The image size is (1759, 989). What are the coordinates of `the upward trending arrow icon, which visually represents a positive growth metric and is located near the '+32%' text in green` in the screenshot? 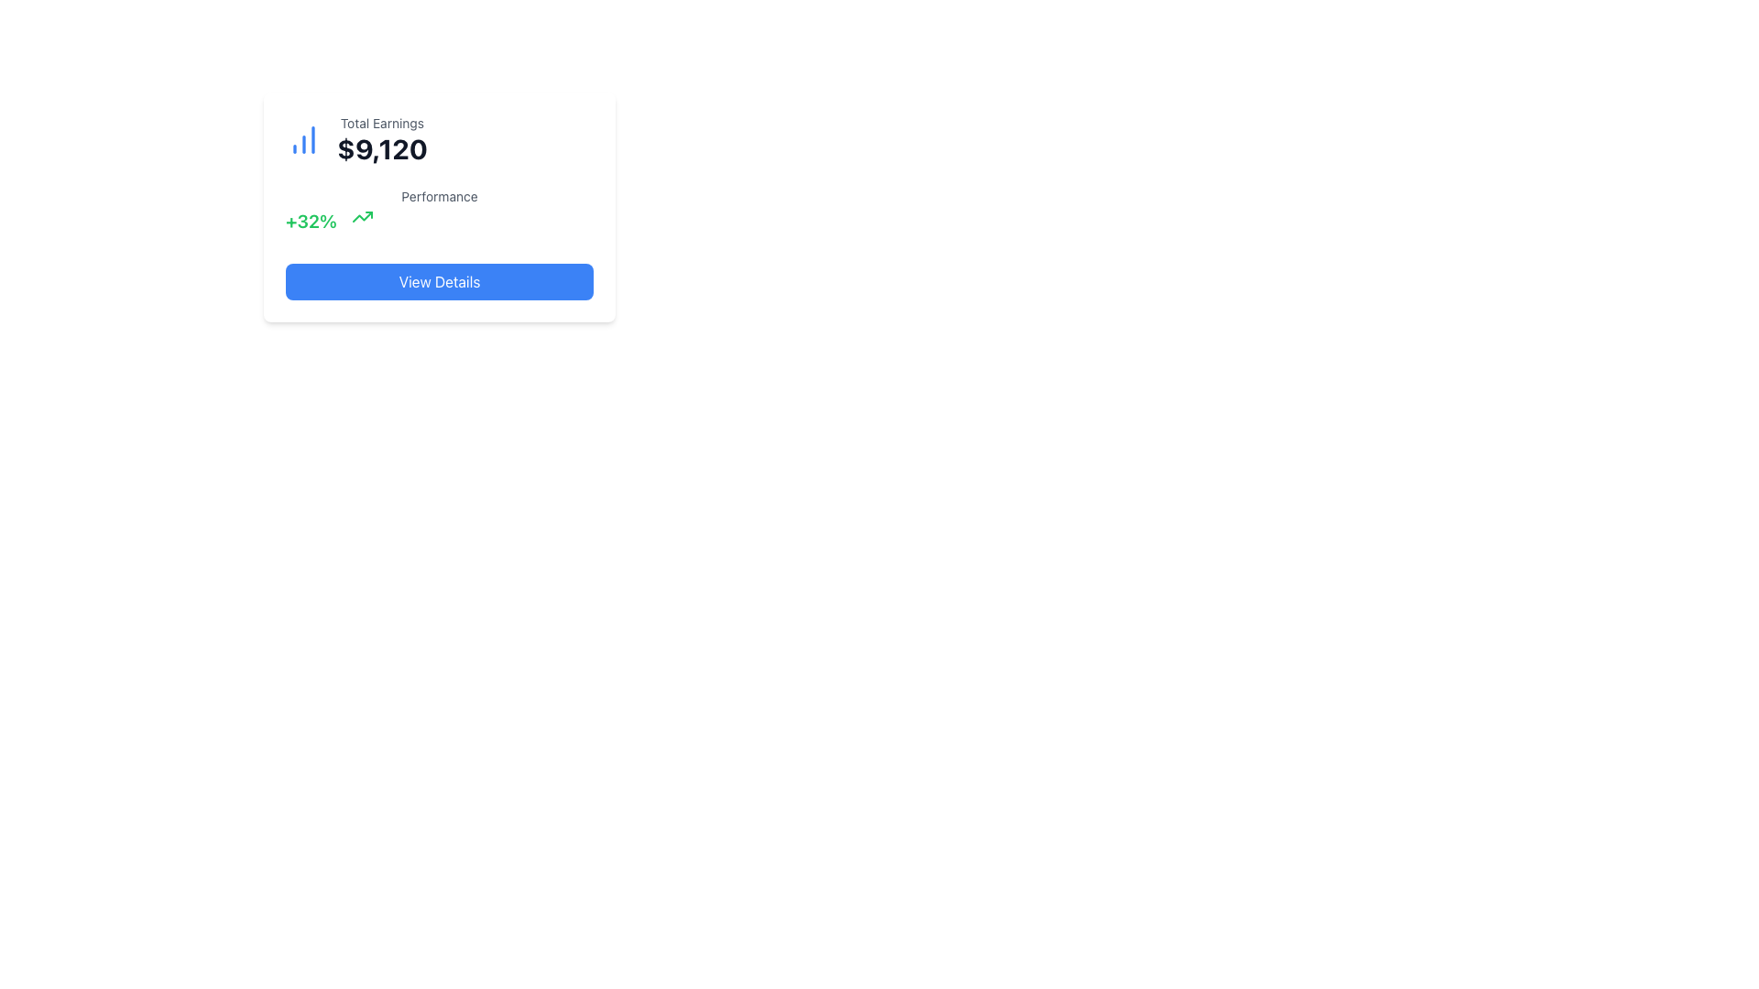 It's located at (362, 215).